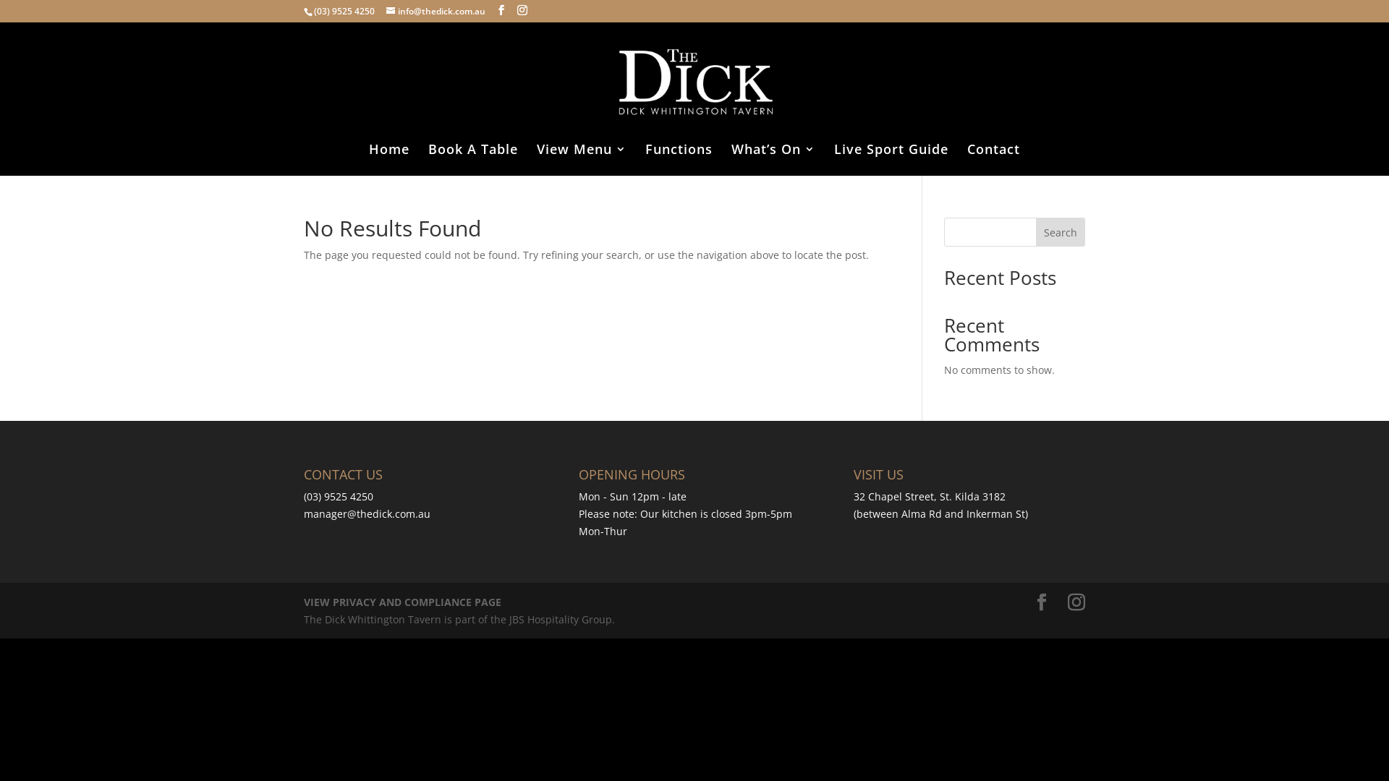 The image size is (1389, 781). Describe the element at coordinates (678, 159) in the screenshot. I see `'Functions'` at that location.